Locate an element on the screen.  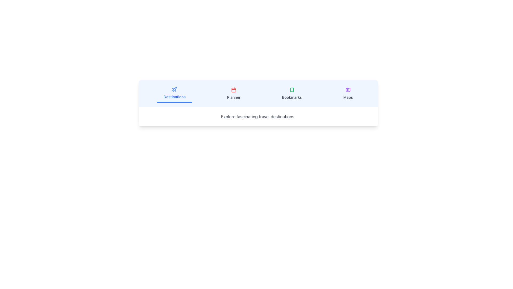
the visual indicator icon for the 'Destinations' section, which is centrally located within the 'Destinations' tab, above the text label 'Destinations' is located at coordinates (174, 89).